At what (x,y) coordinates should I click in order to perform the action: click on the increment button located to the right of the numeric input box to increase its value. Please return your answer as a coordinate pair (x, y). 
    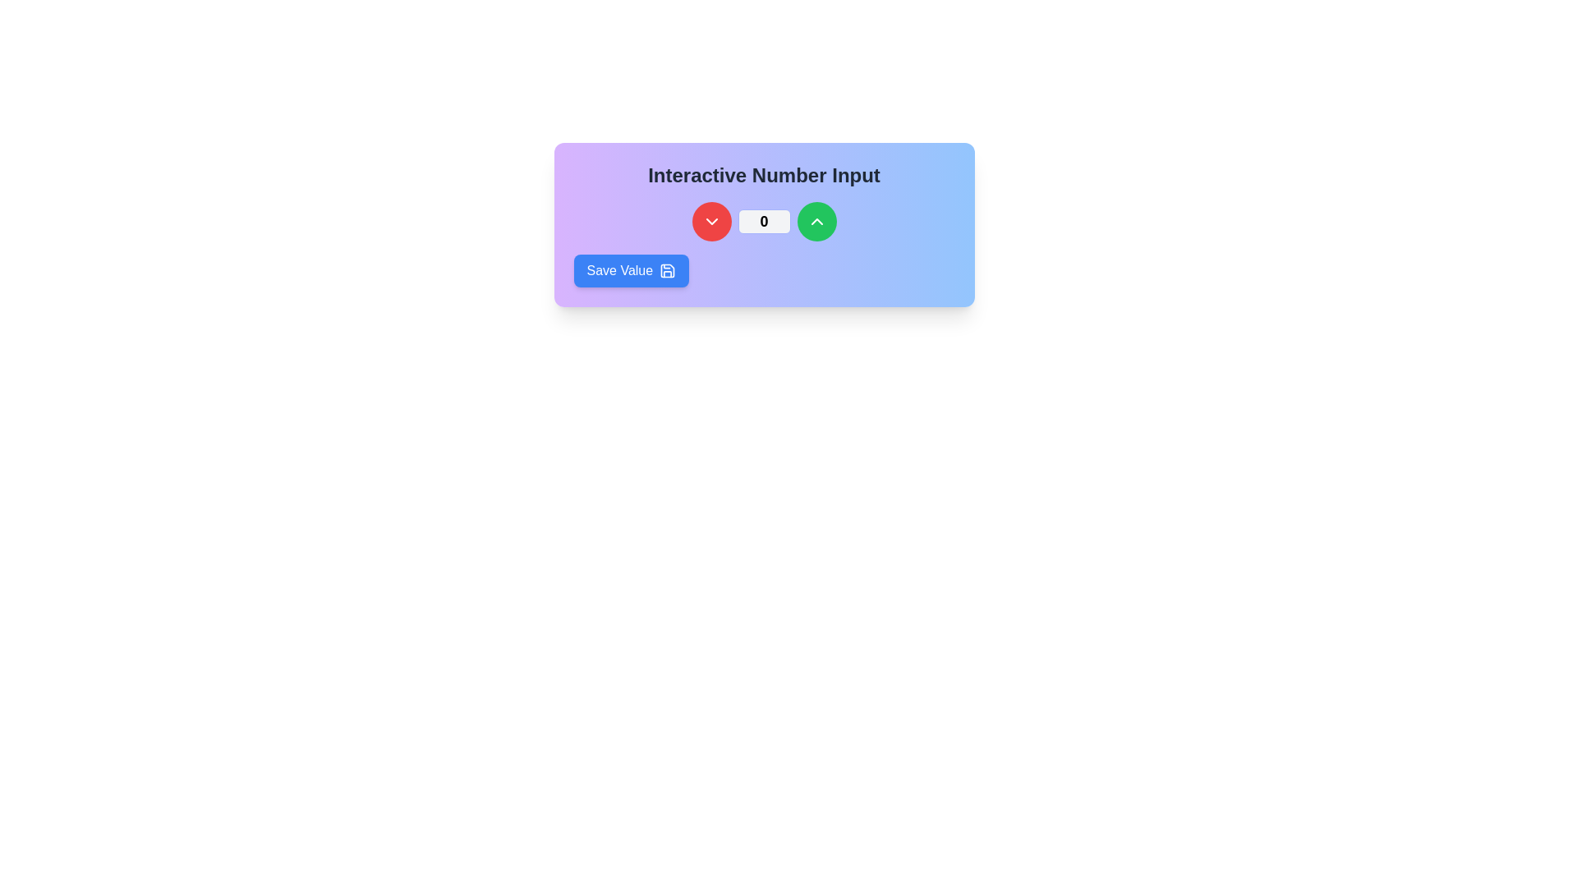
    Looking at the image, I should click on (816, 222).